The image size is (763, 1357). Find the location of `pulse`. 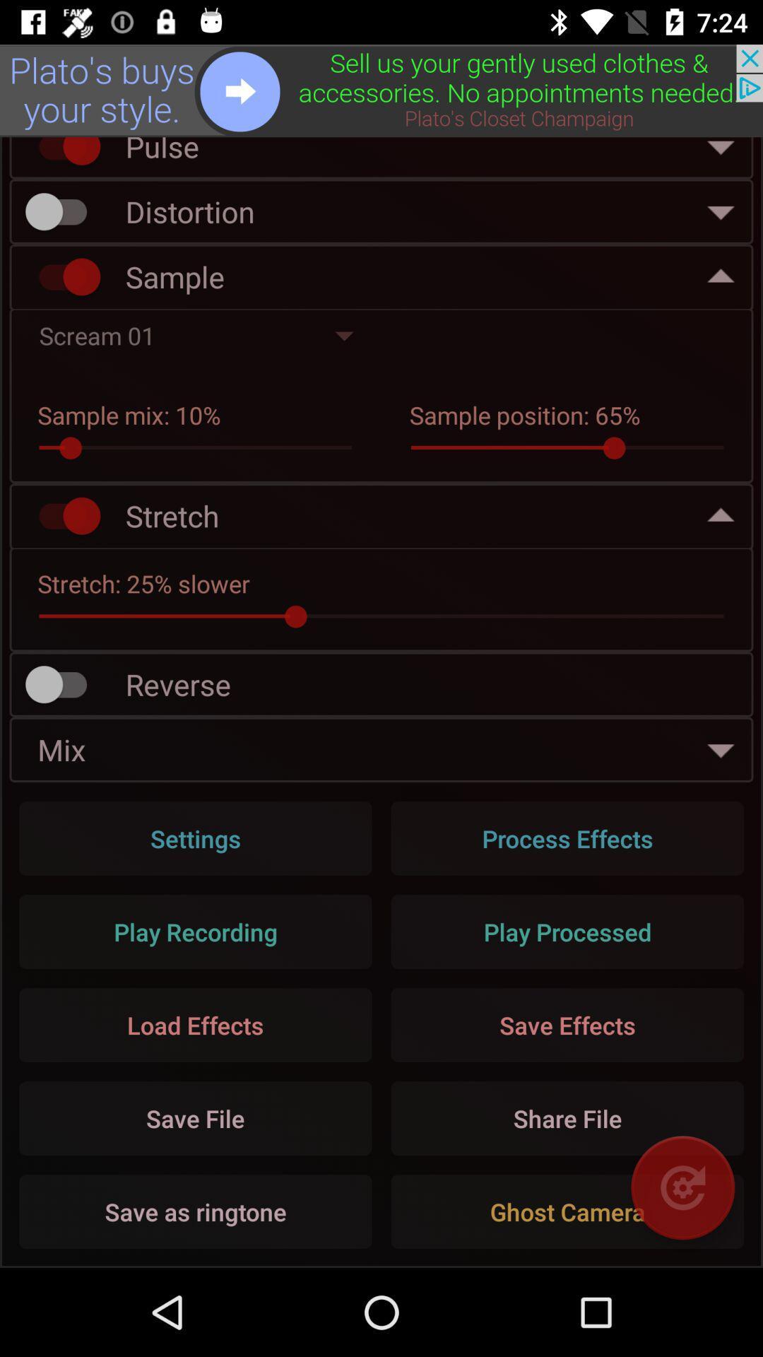

pulse is located at coordinates (62, 154).